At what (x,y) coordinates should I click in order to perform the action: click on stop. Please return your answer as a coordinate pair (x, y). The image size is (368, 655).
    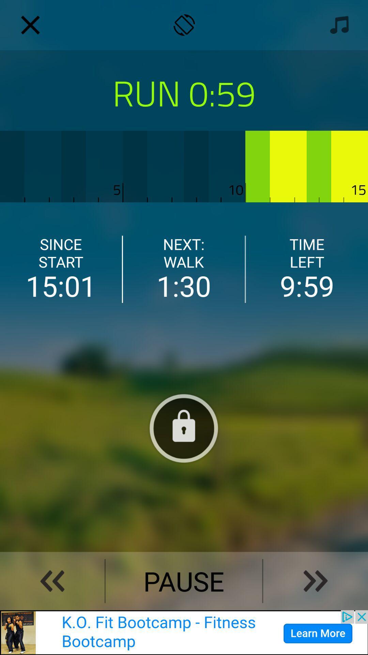
    Looking at the image, I should click on (183, 428).